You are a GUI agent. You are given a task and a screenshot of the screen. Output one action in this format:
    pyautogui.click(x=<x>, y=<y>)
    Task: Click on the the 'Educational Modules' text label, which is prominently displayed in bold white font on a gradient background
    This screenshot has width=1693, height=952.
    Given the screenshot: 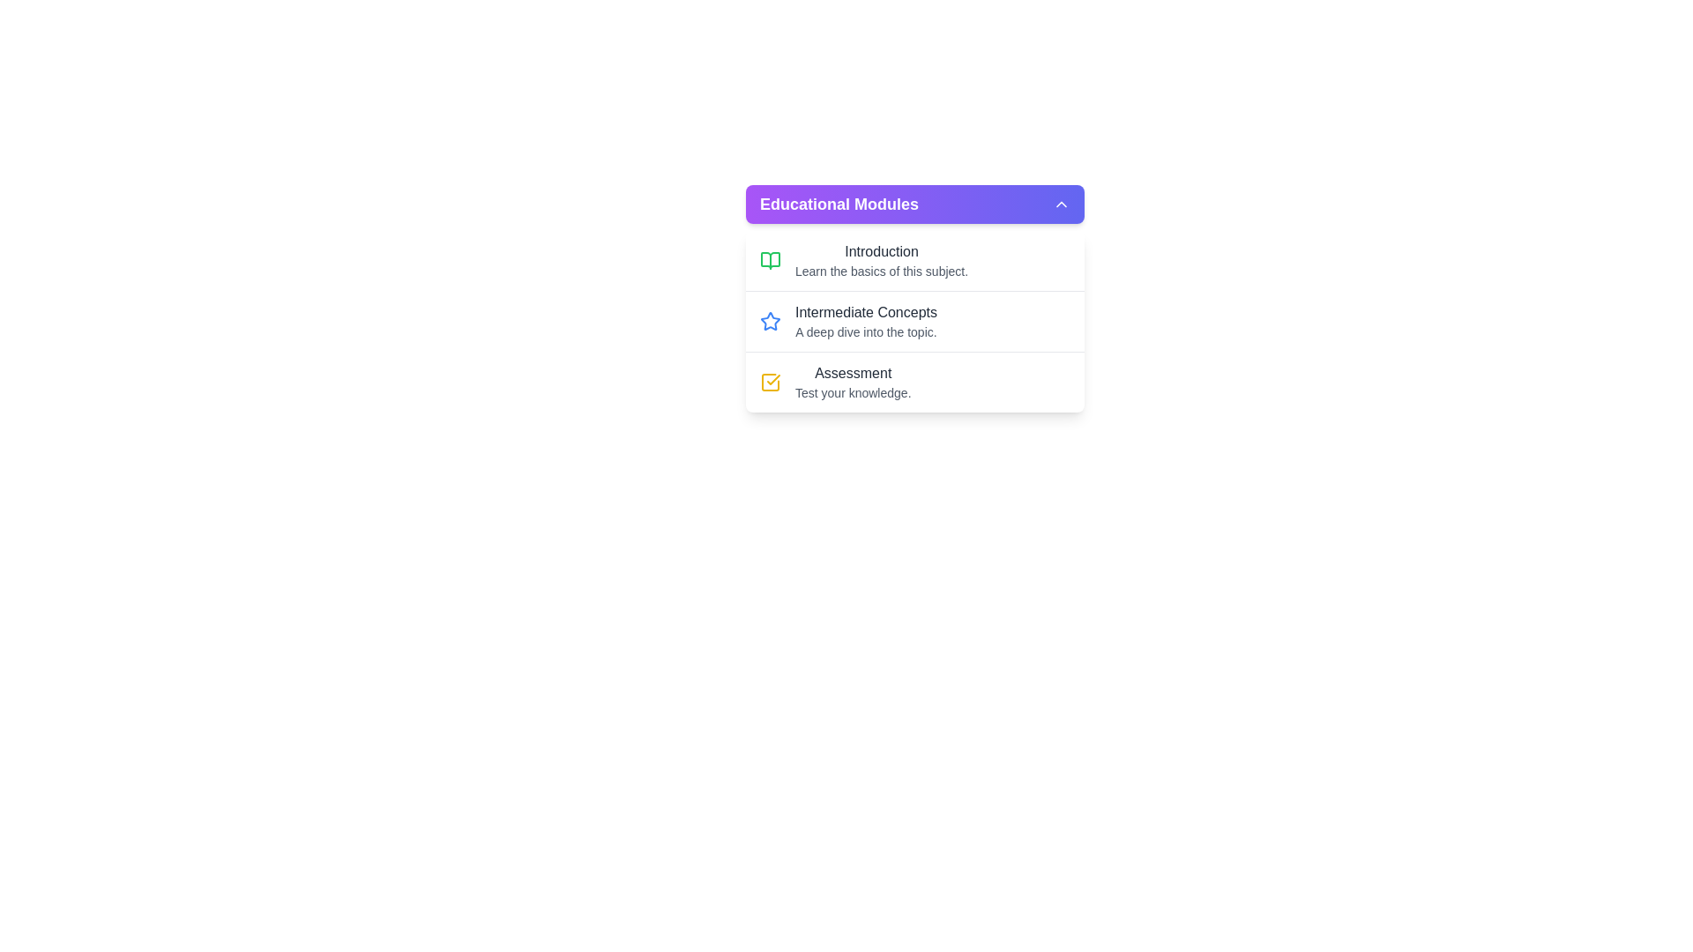 What is the action you would take?
    pyautogui.click(x=838, y=203)
    